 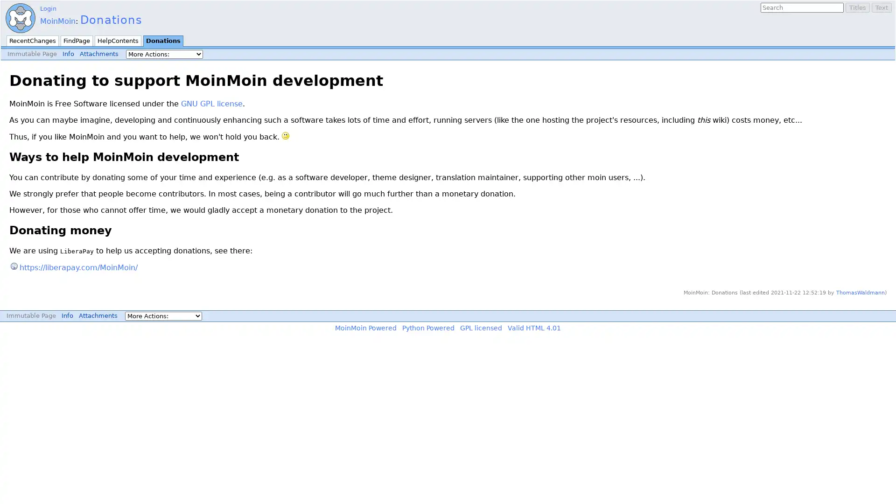 What do you see at coordinates (858, 7) in the screenshot?
I see `Titles` at bounding box center [858, 7].